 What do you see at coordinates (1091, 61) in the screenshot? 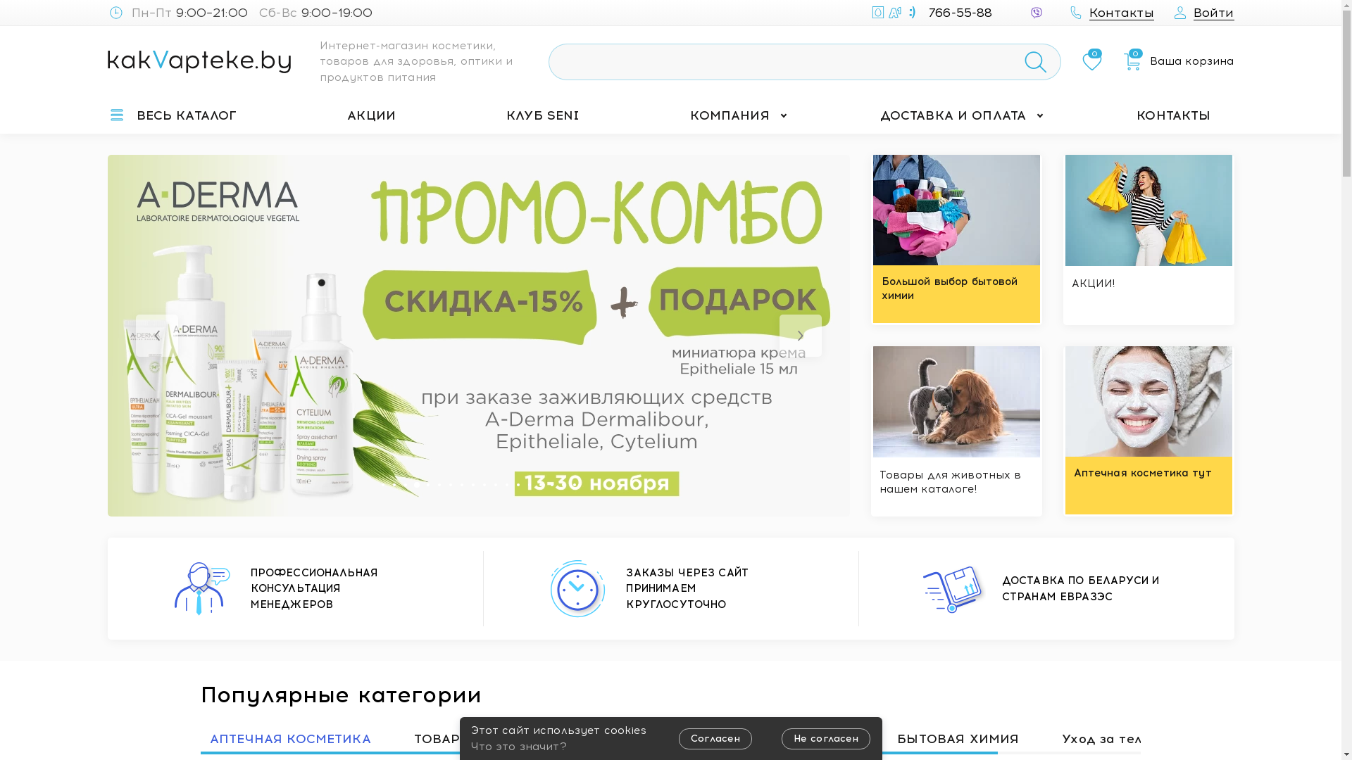
I see `'0'` at bounding box center [1091, 61].